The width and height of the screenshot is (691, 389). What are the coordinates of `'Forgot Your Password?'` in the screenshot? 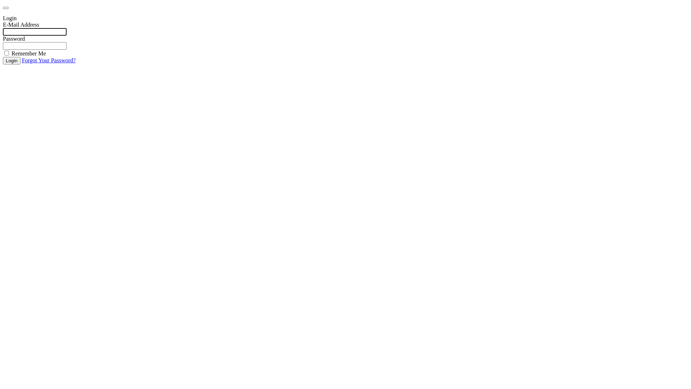 It's located at (48, 60).